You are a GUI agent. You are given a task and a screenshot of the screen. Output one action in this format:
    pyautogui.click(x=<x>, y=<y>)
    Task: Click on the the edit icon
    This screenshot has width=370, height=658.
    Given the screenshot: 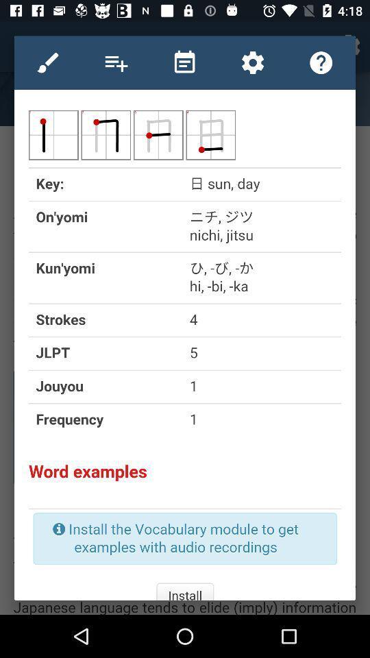 What is the action you would take?
    pyautogui.click(x=47, y=67)
    